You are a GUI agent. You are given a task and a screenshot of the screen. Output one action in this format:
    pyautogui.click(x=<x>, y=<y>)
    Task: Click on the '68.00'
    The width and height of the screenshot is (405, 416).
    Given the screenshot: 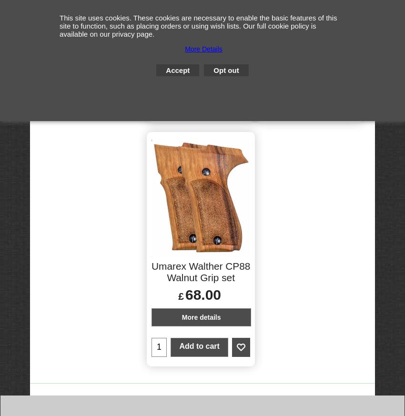 What is the action you would take?
    pyautogui.click(x=185, y=294)
    